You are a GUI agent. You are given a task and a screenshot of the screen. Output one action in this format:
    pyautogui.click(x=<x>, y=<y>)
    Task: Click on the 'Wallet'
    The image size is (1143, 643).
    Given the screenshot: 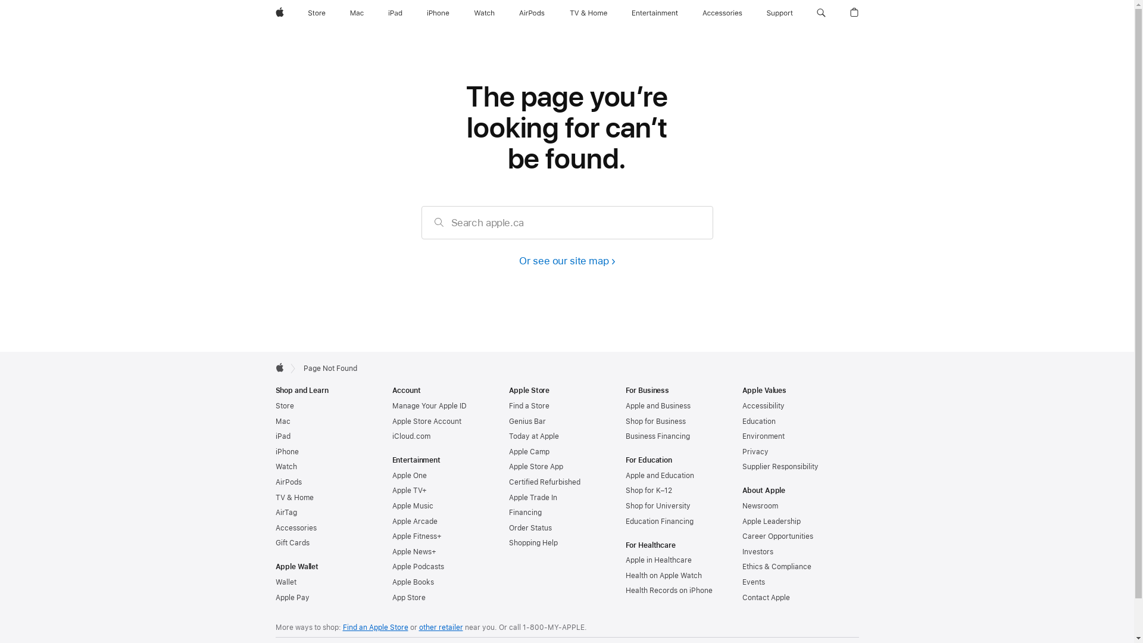 What is the action you would take?
    pyautogui.click(x=285, y=582)
    